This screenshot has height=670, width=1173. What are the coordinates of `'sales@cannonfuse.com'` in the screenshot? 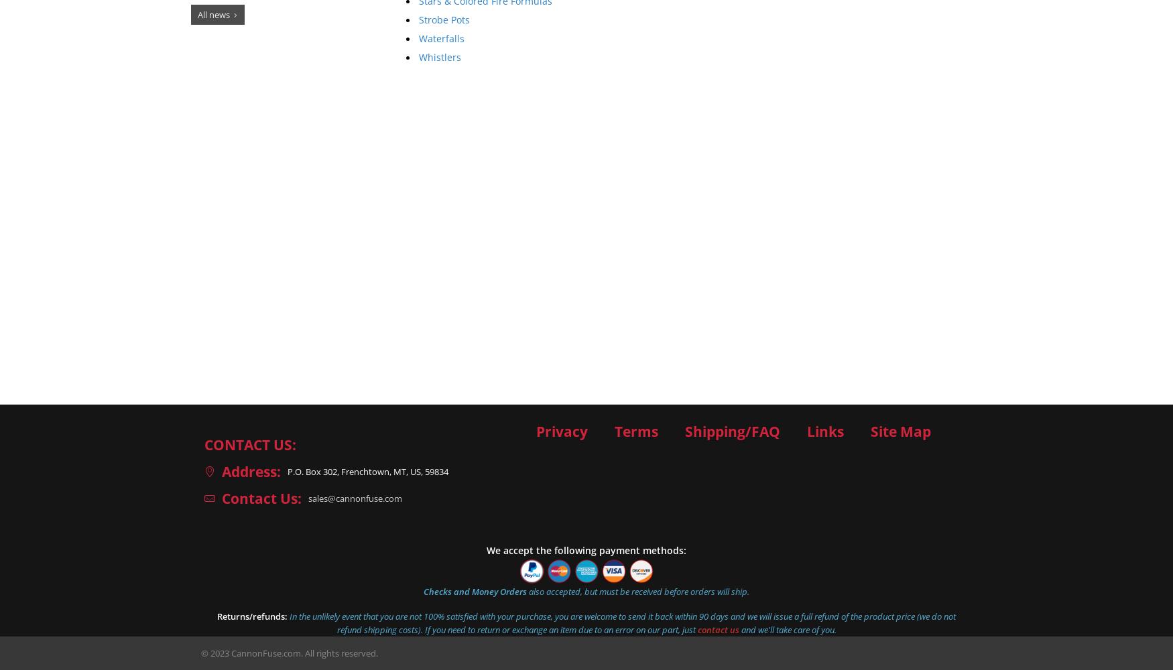 It's located at (355, 498).